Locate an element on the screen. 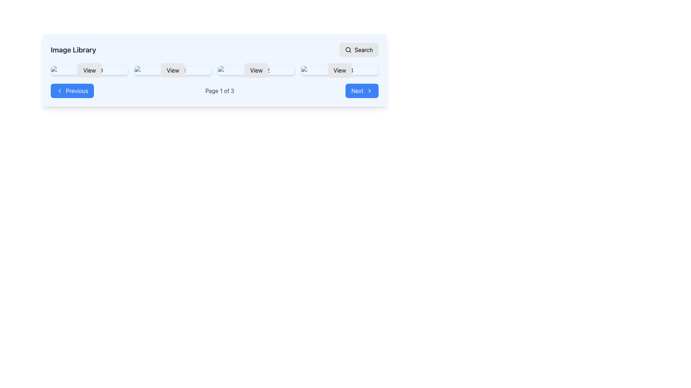  the 'Previous' text label on the blue rectangular button located in the navigation panel labeled 'Image Library' is located at coordinates (77, 91).